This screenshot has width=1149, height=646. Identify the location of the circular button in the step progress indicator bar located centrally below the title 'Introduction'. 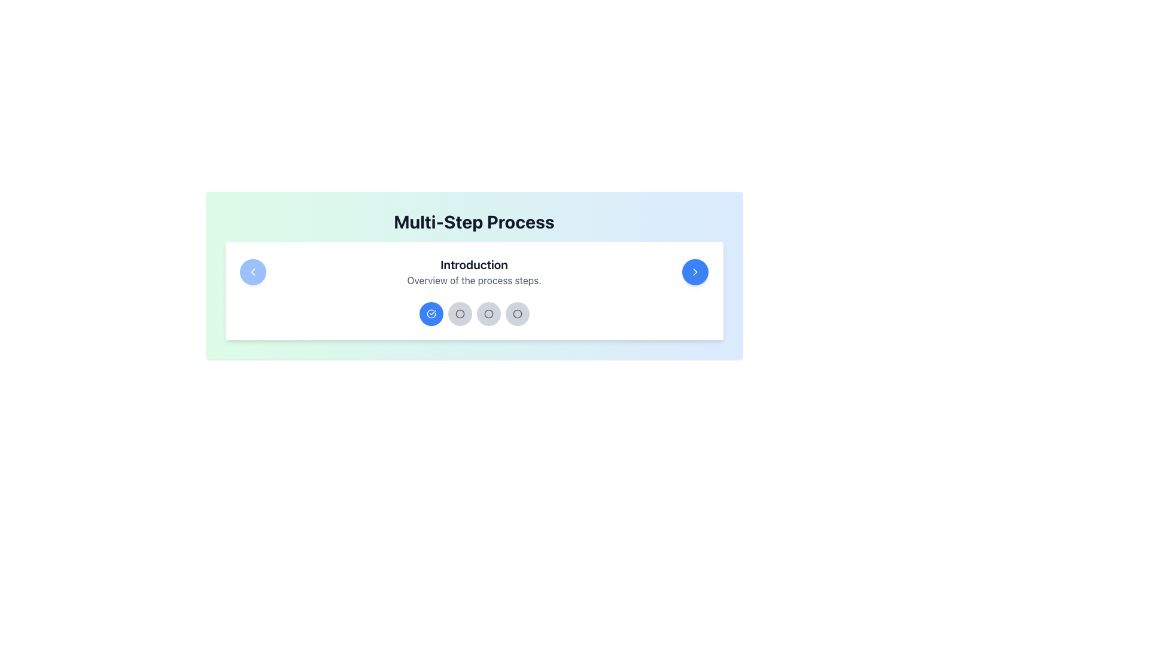
(473, 313).